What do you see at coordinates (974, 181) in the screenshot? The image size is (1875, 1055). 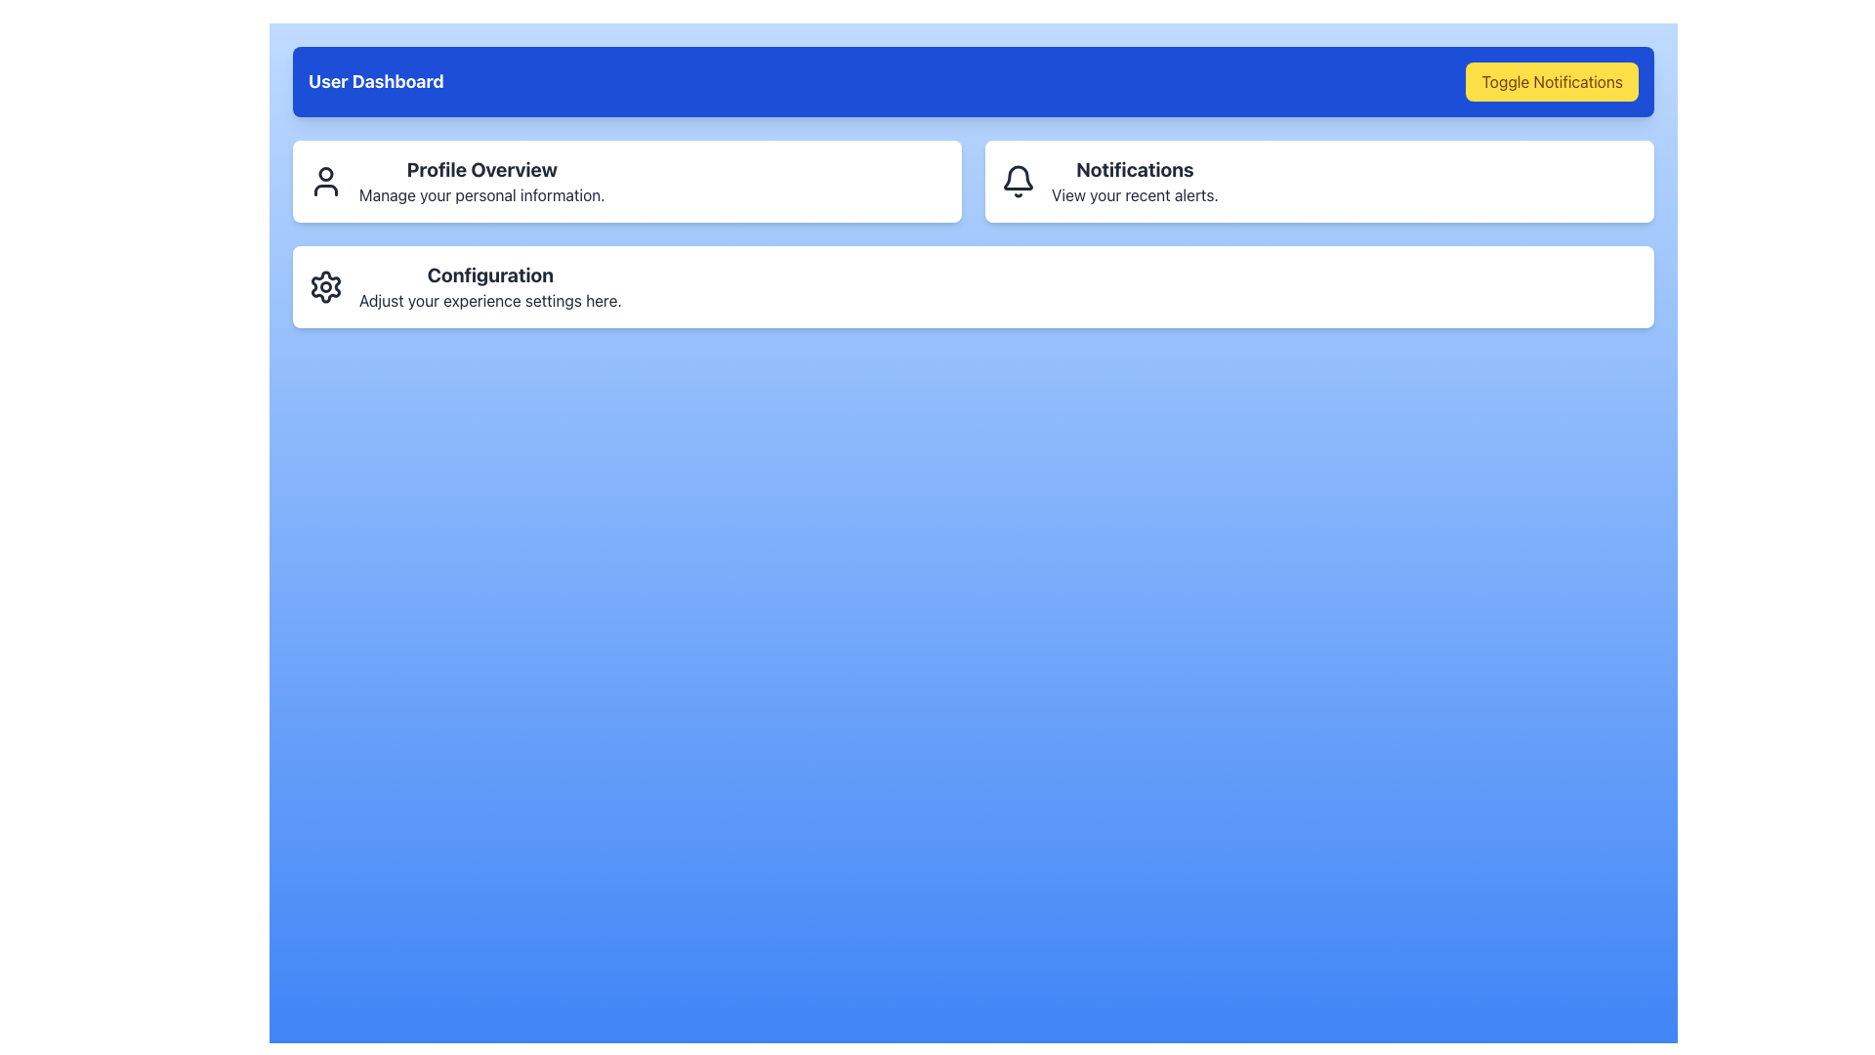 I see `the central grid layout containing informational cards that organizes Profile and Notifications sections to interact with the contained elements` at bounding box center [974, 181].